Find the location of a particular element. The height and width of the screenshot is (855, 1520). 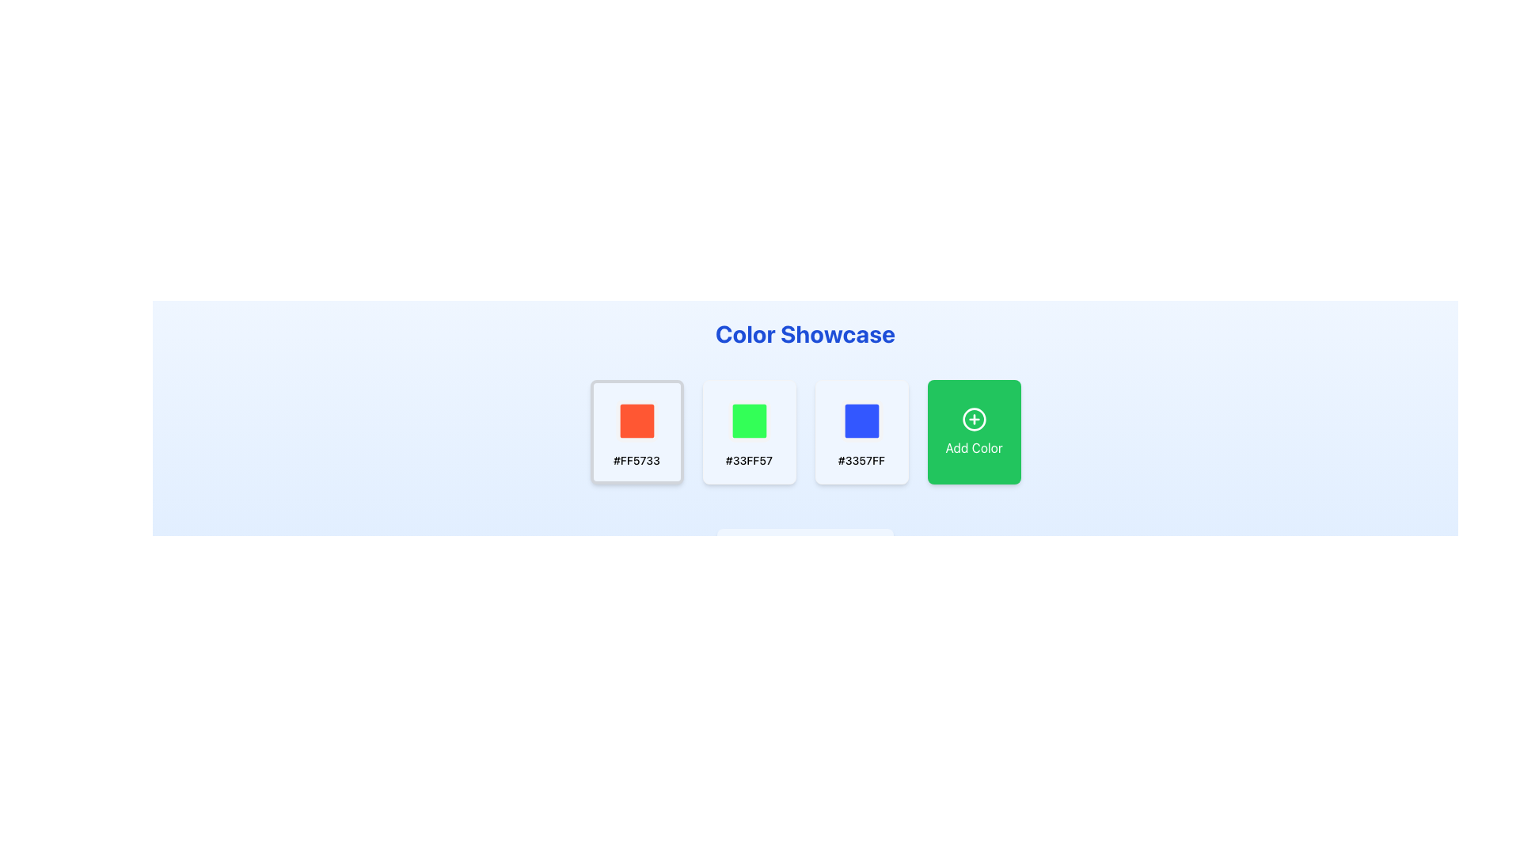

the color code for the green square color swatch tile with the code '#33FF57', located in the 'Color Showcase' grid is located at coordinates (748, 432).